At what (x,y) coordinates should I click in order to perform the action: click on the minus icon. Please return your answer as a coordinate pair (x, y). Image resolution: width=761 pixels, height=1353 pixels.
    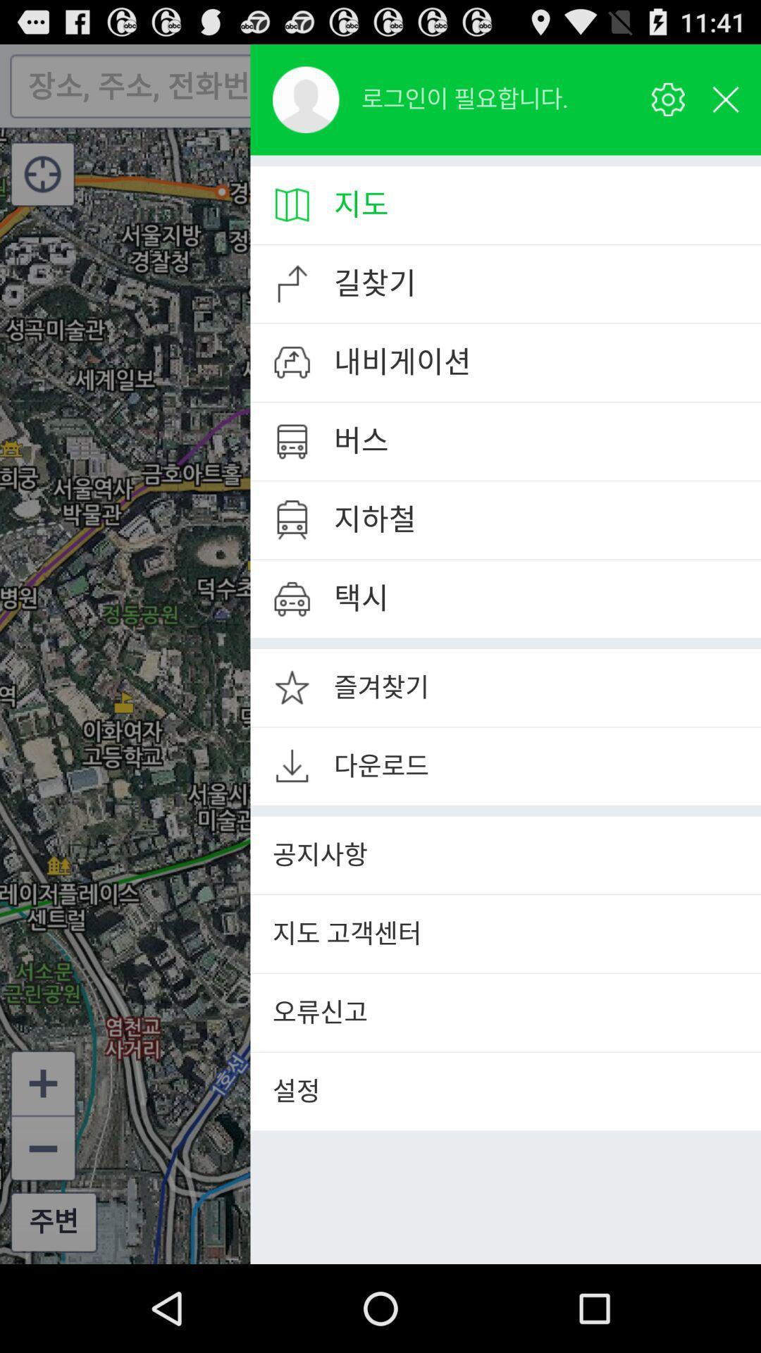
    Looking at the image, I should click on (717, 351).